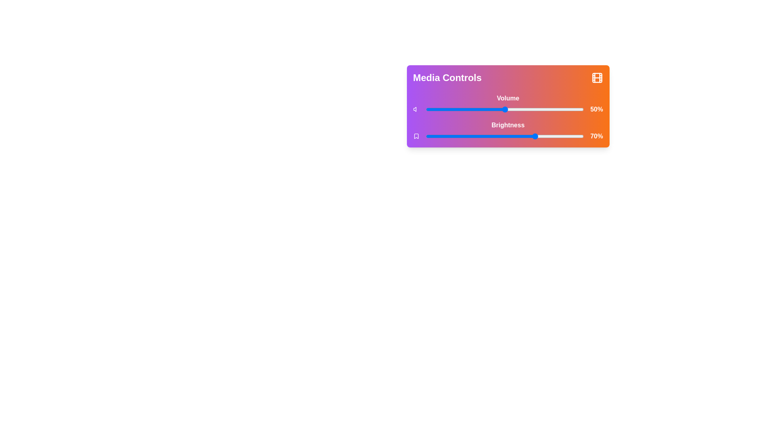 This screenshot has height=427, width=760. What do you see at coordinates (447, 77) in the screenshot?
I see `the Media Controls title to inspect it` at bounding box center [447, 77].